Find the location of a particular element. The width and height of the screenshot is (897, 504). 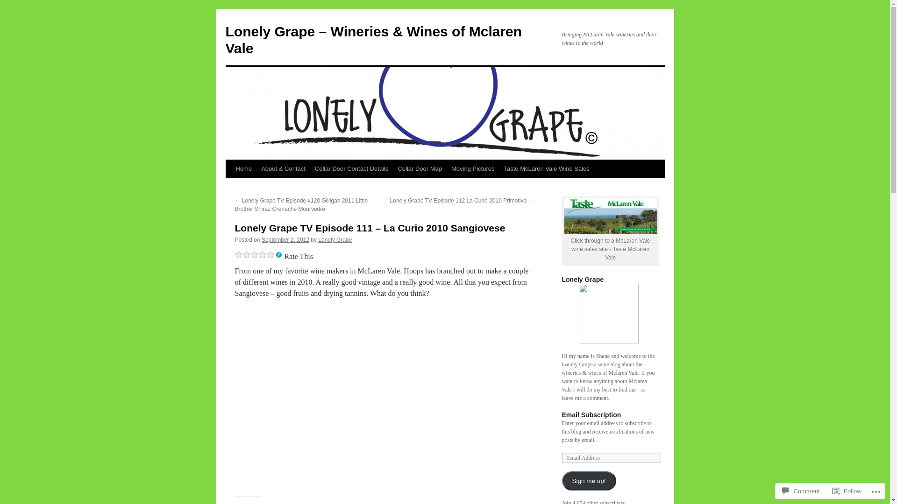

'About & Contact' is located at coordinates (283, 169).